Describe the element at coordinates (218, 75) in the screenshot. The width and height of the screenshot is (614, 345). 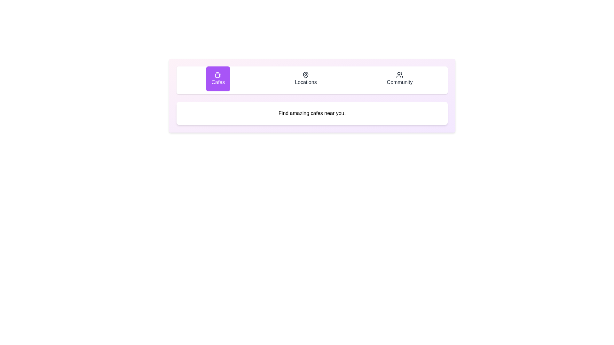
I see `the coffee cup icon with a purple background located above the 'Cafes' label` at that location.